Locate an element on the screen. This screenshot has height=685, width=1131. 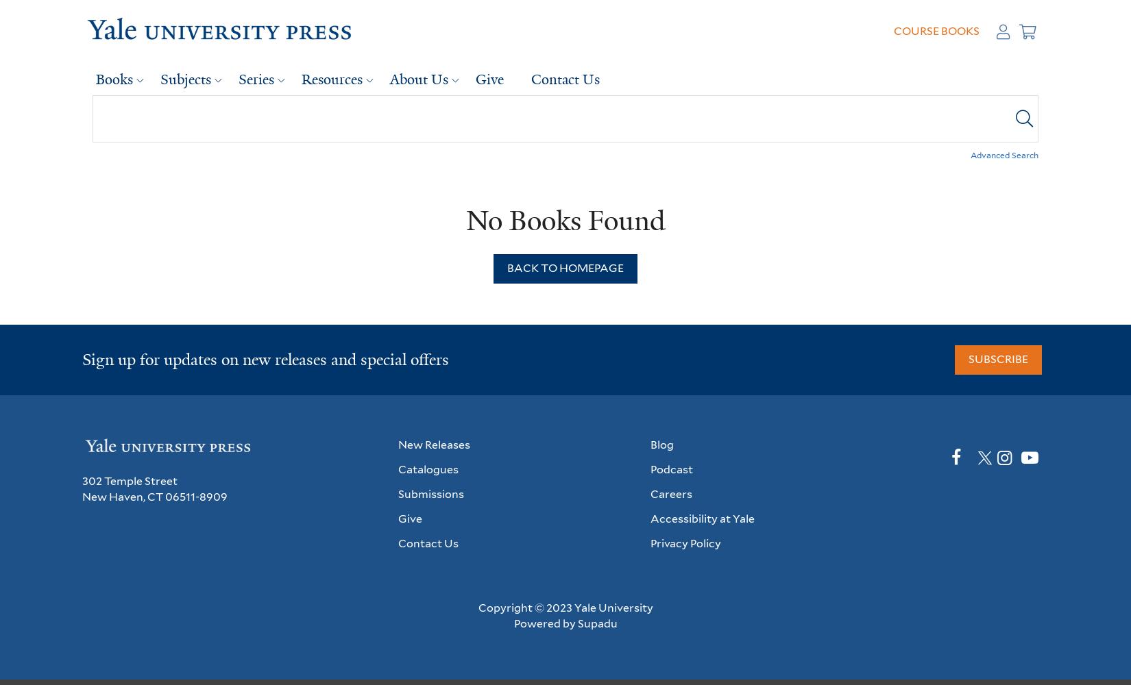
'Powered by' is located at coordinates (512, 623).